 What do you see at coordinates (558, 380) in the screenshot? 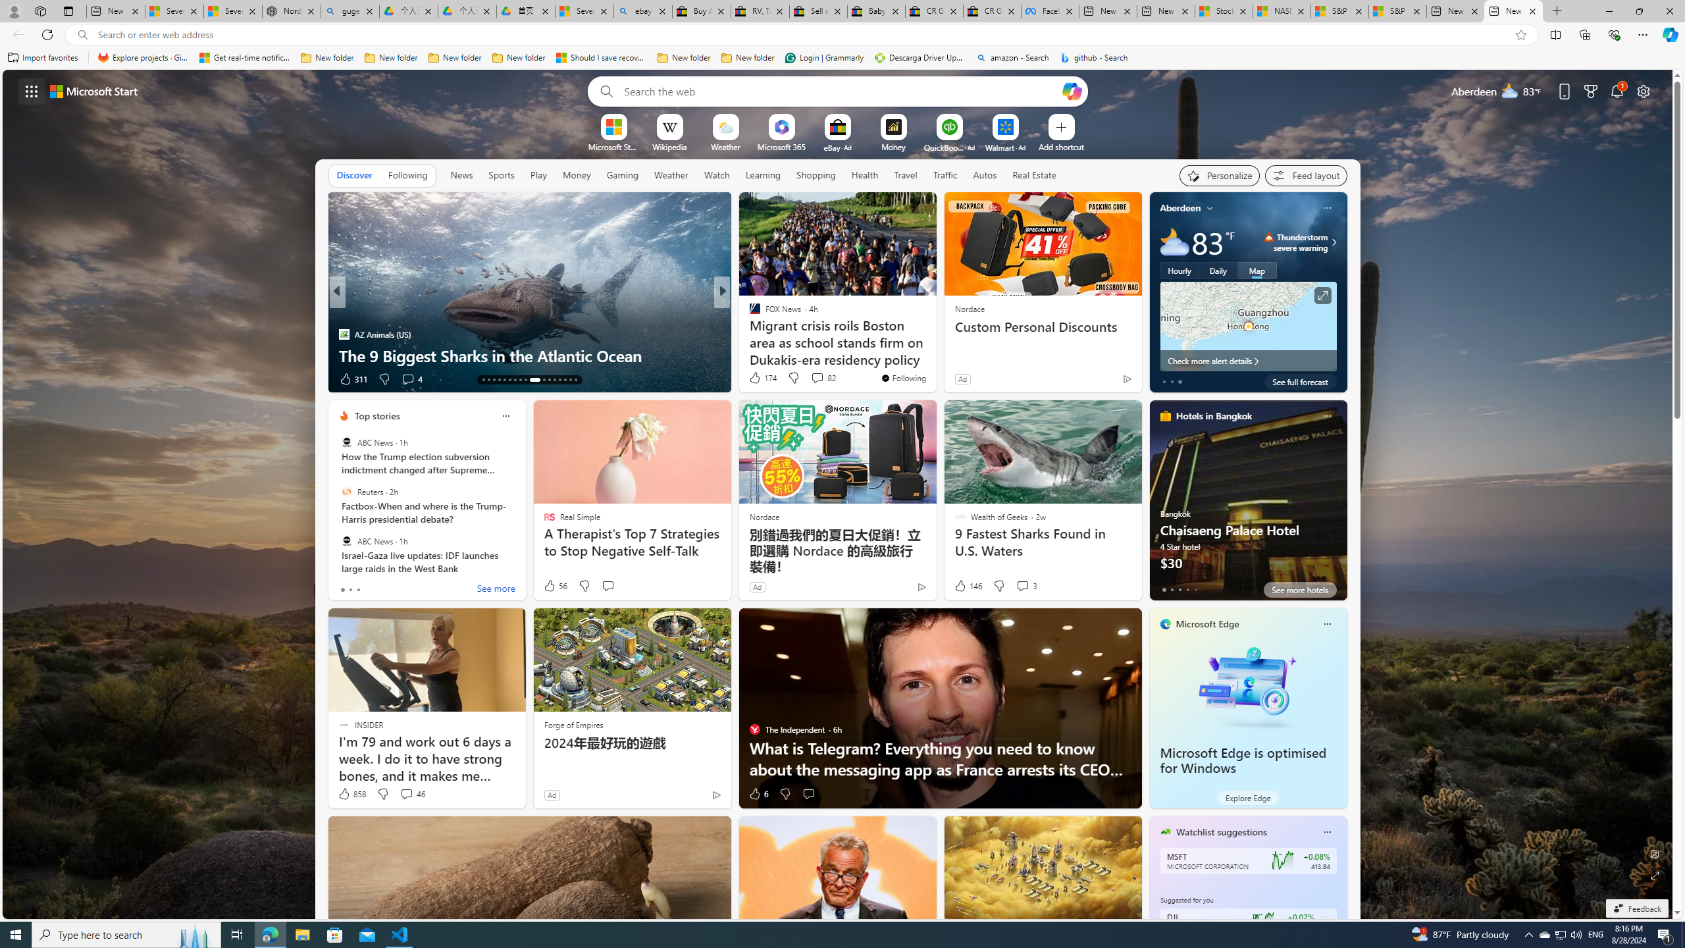
I see `'AutomationID: tab-26'` at bounding box center [558, 380].